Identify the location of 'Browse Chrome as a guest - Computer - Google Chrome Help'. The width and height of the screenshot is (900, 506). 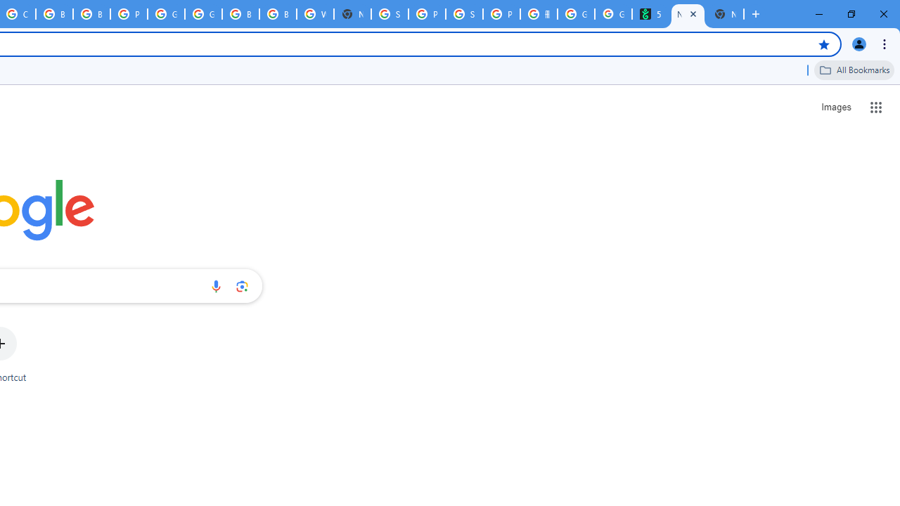
(91, 14).